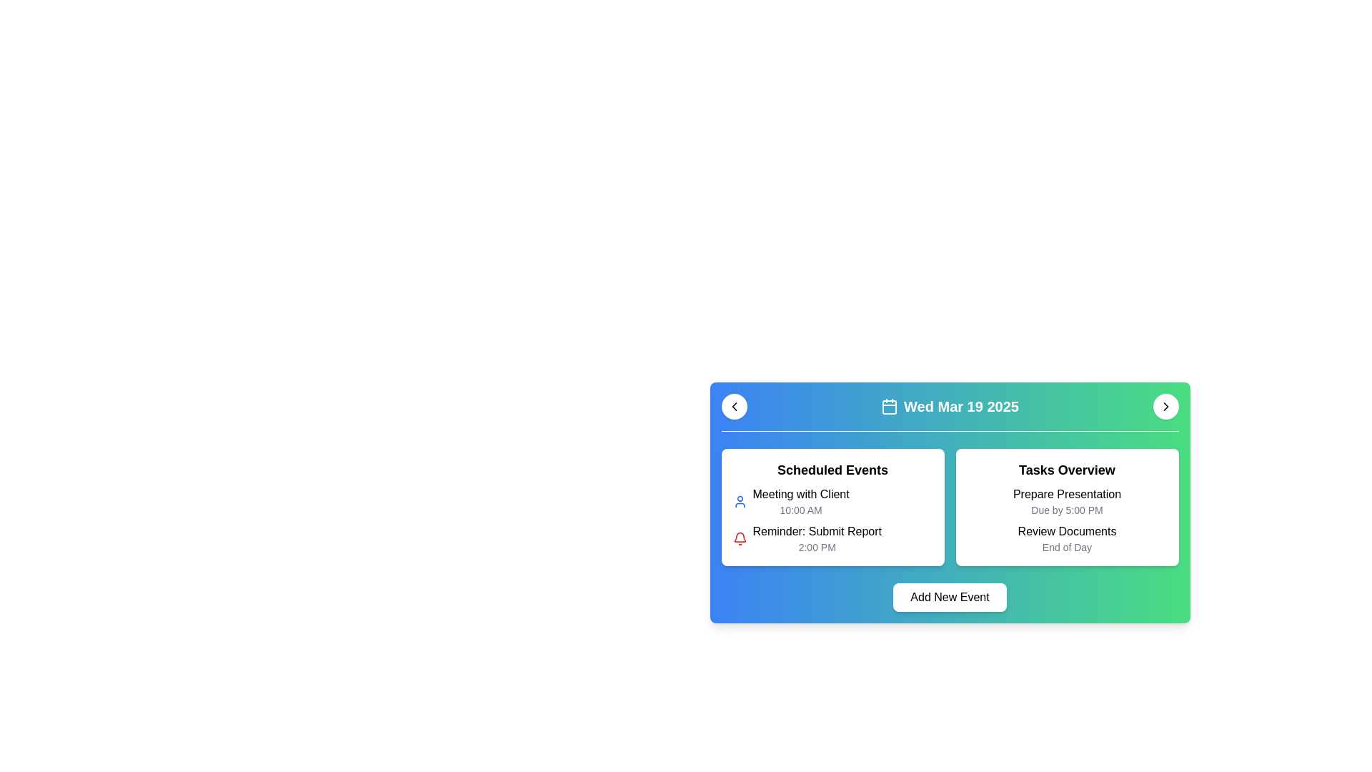 This screenshot has height=772, width=1372. I want to click on the right-pointing chevron icon inside the rounded button located at the top-right corner of the card, so click(1165, 407).